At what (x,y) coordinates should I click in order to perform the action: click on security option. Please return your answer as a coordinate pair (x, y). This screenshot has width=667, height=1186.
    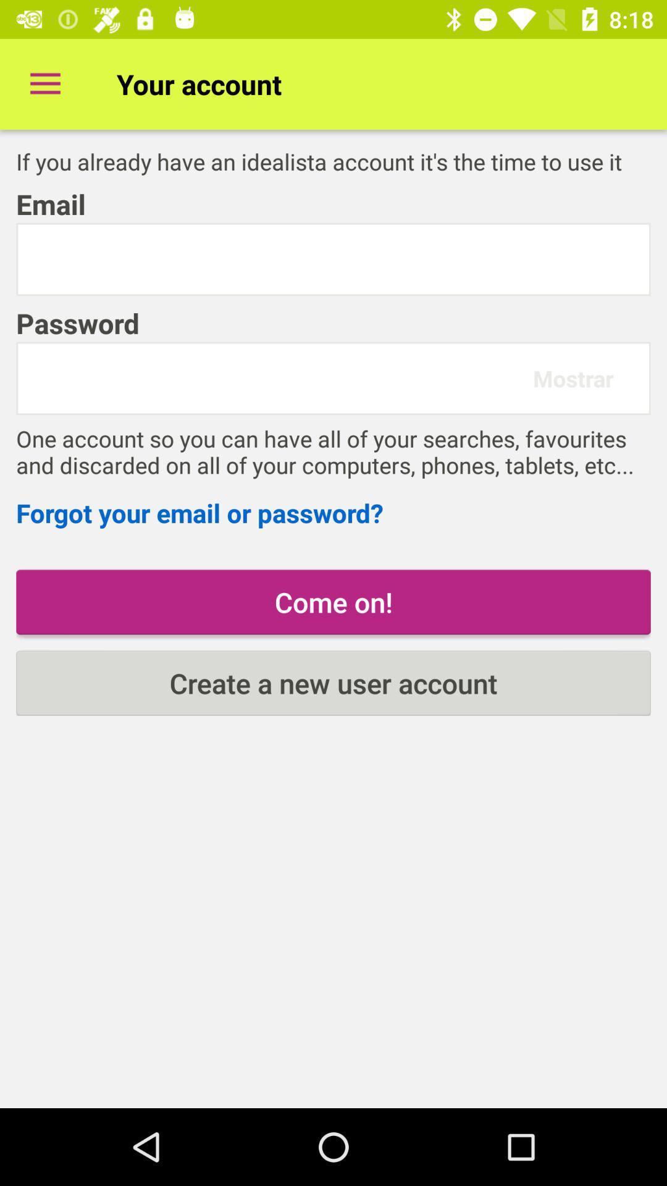
    Looking at the image, I should click on (333, 259).